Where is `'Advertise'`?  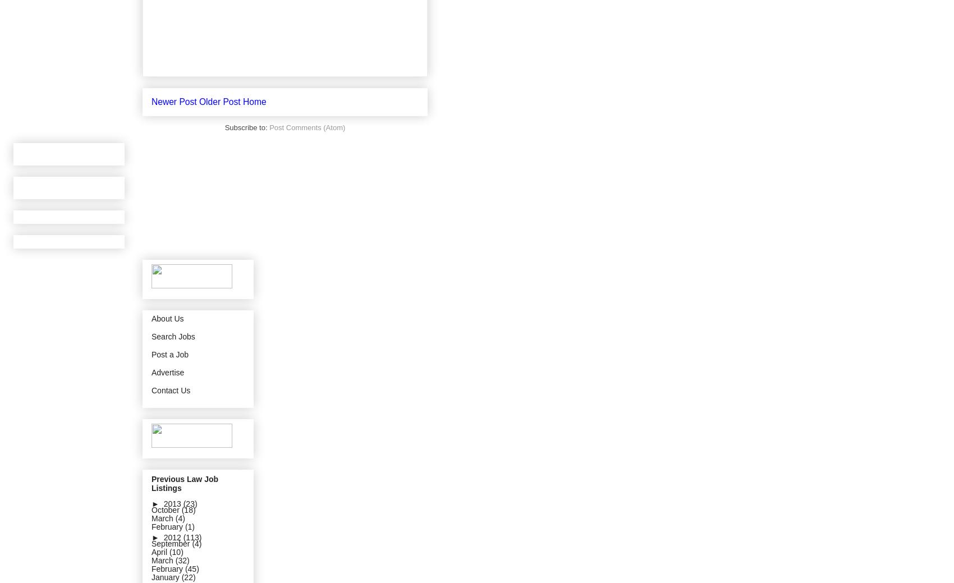
'Advertise' is located at coordinates (168, 371).